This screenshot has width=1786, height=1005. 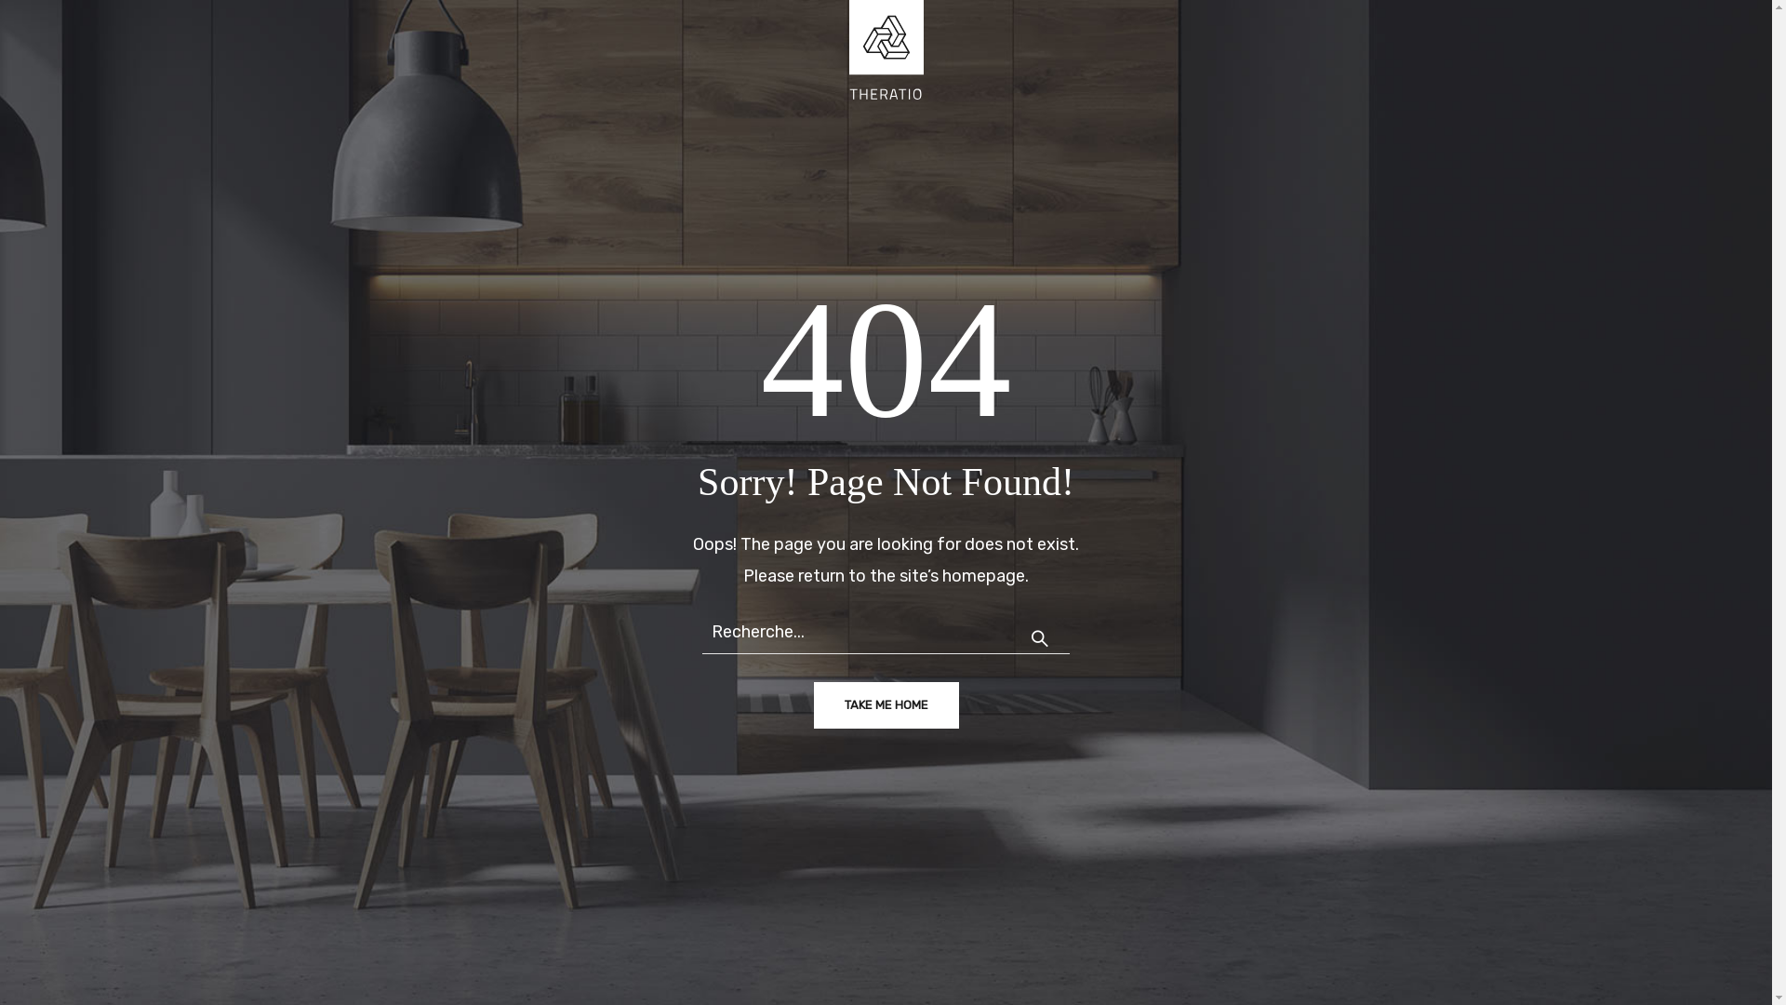 What do you see at coordinates (884, 705) in the screenshot?
I see `'TAKE ME HOME'` at bounding box center [884, 705].